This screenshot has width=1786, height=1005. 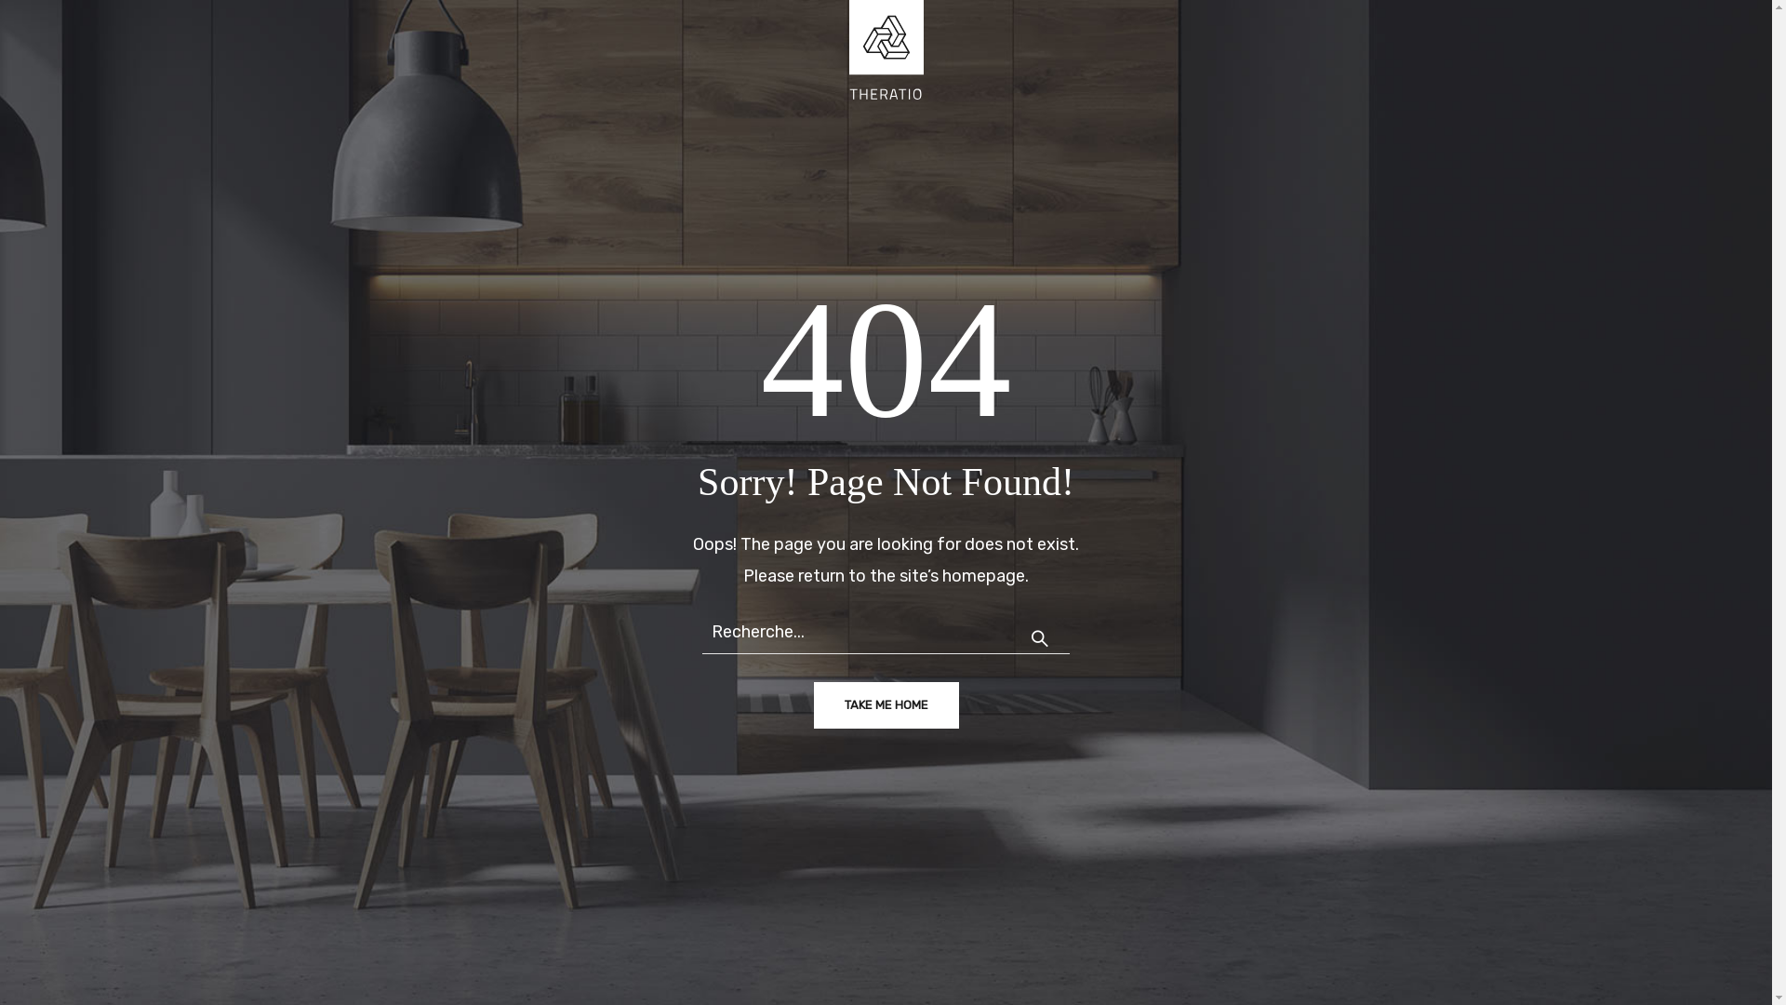 What do you see at coordinates (884, 705) in the screenshot?
I see `'TAKE ME HOME'` at bounding box center [884, 705].